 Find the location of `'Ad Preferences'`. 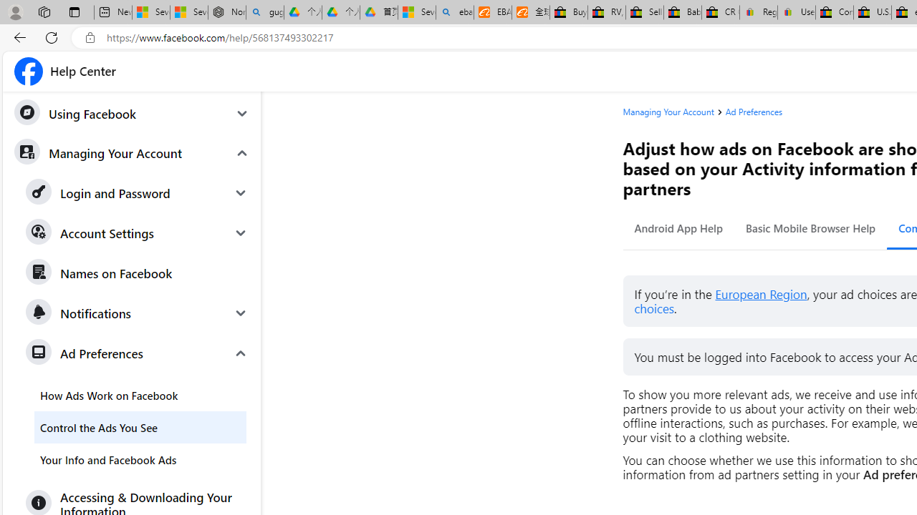

'Ad Preferences' is located at coordinates (753, 111).